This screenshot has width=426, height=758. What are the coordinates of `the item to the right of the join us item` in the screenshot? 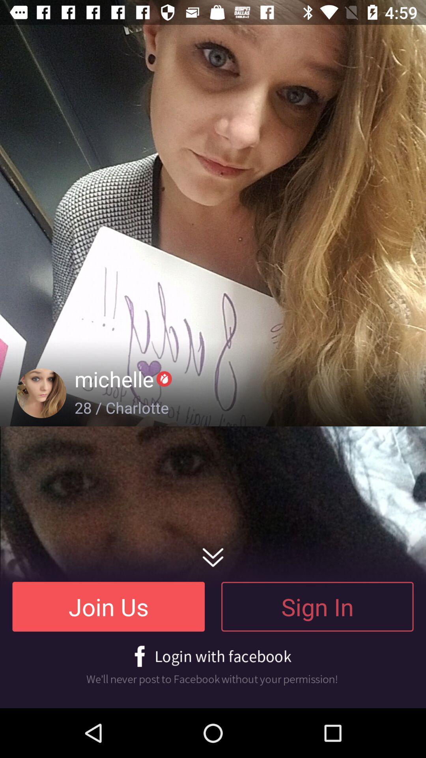 It's located at (317, 606).